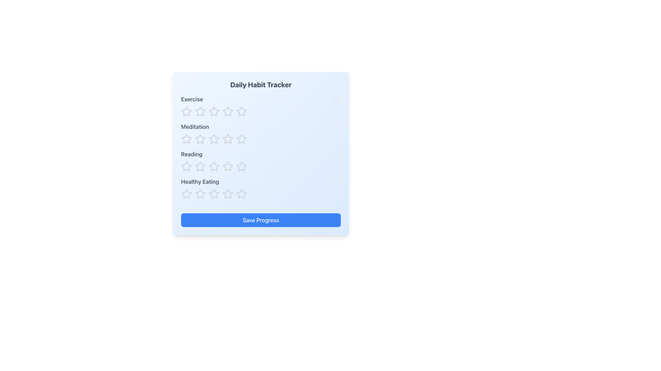 This screenshot has width=661, height=371. Describe the element at coordinates (187, 194) in the screenshot. I see `the first star icon in the 'Healthy Eating' row of the Daily Habit Tracker to trigger the scaling hover effect` at that location.